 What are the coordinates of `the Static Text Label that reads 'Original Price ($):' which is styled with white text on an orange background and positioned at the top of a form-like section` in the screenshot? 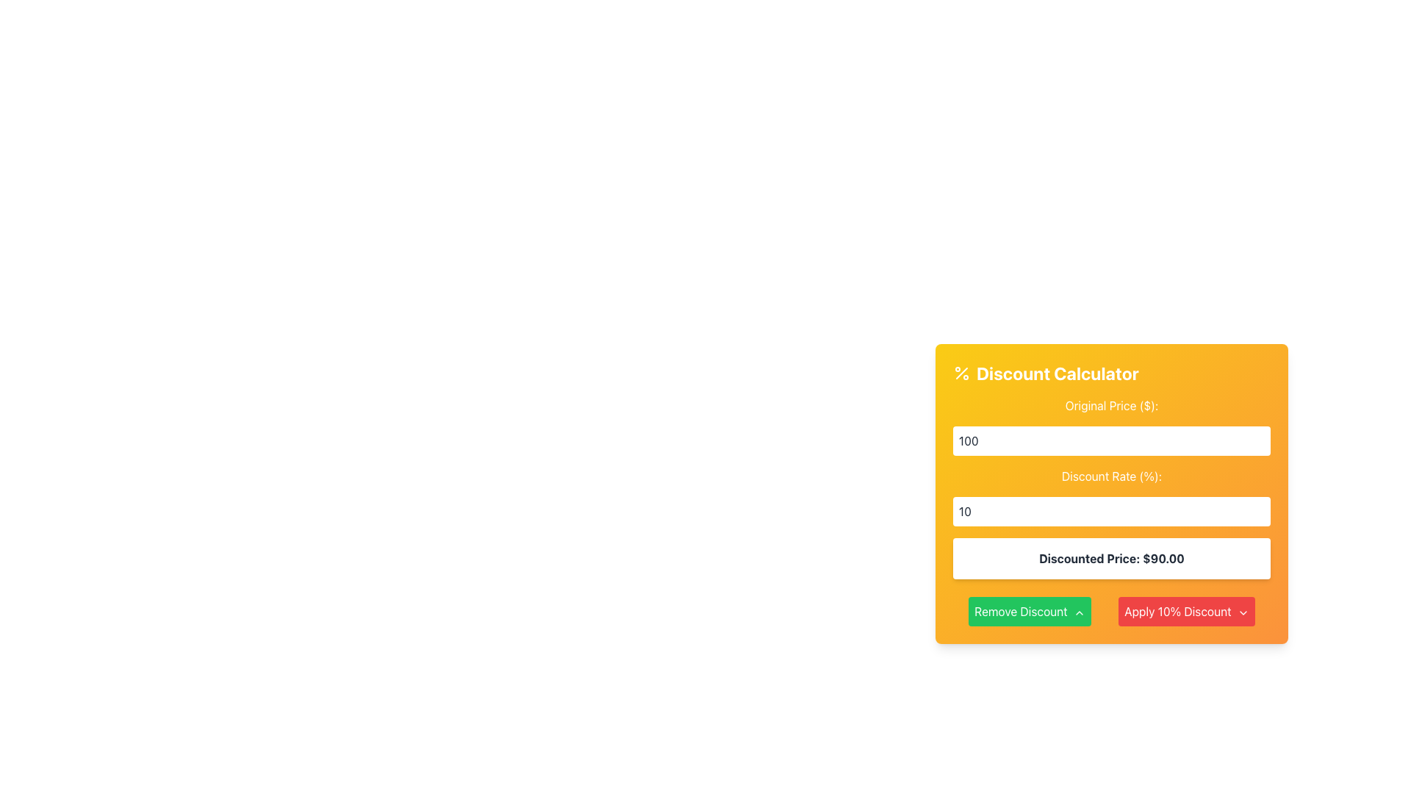 It's located at (1111, 405).